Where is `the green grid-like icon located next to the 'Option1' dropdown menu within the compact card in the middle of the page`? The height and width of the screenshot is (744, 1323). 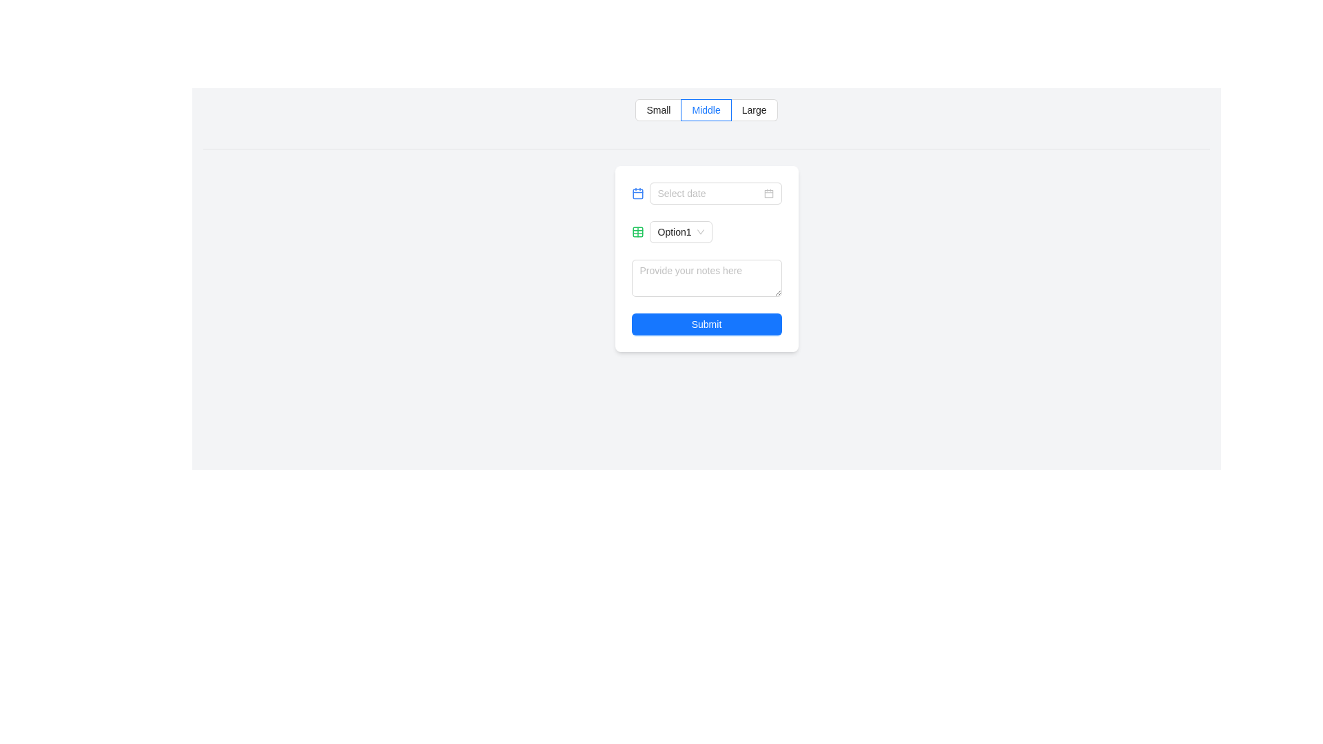 the green grid-like icon located next to the 'Option1' dropdown menu within the compact card in the middle of the page is located at coordinates (637, 231).